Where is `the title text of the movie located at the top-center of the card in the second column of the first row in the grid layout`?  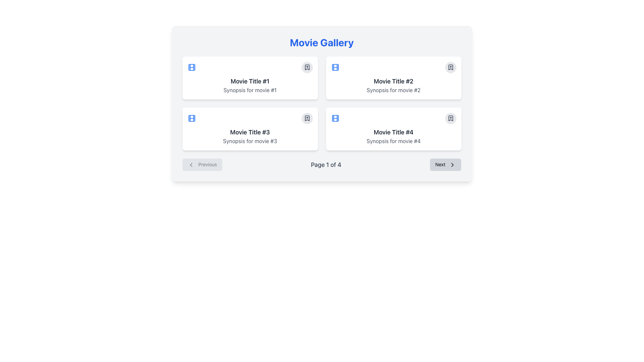 the title text of the movie located at the top-center of the card in the second column of the first row in the grid layout is located at coordinates (393, 81).